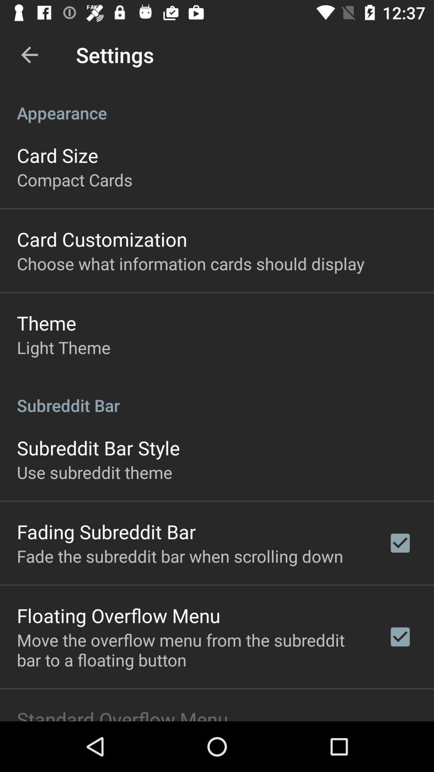 This screenshot has width=434, height=772. What do you see at coordinates (400, 543) in the screenshot?
I see `the check box of fading subreddit bar` at bounding box center [400, 543].